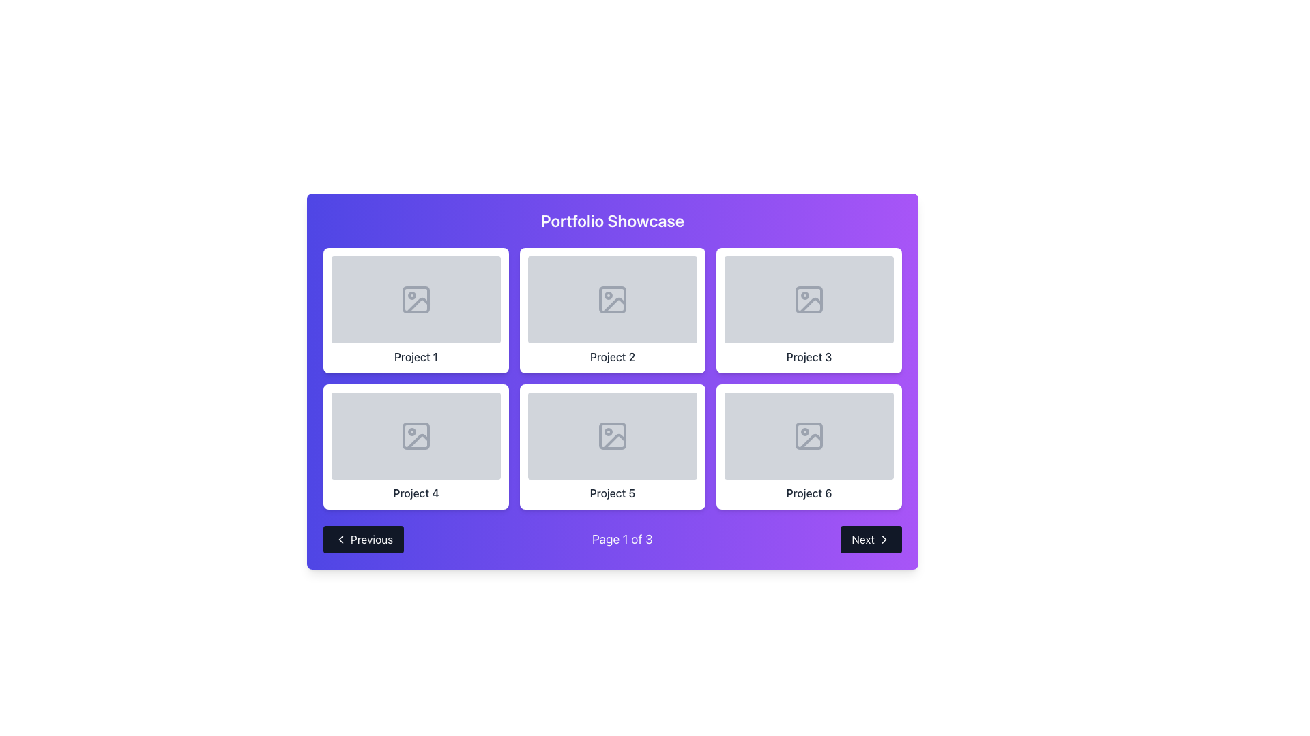 The image size is (1310, 736). I want to click on the right-facing arrow icon located within the 'Next' button, so click(884, 538).